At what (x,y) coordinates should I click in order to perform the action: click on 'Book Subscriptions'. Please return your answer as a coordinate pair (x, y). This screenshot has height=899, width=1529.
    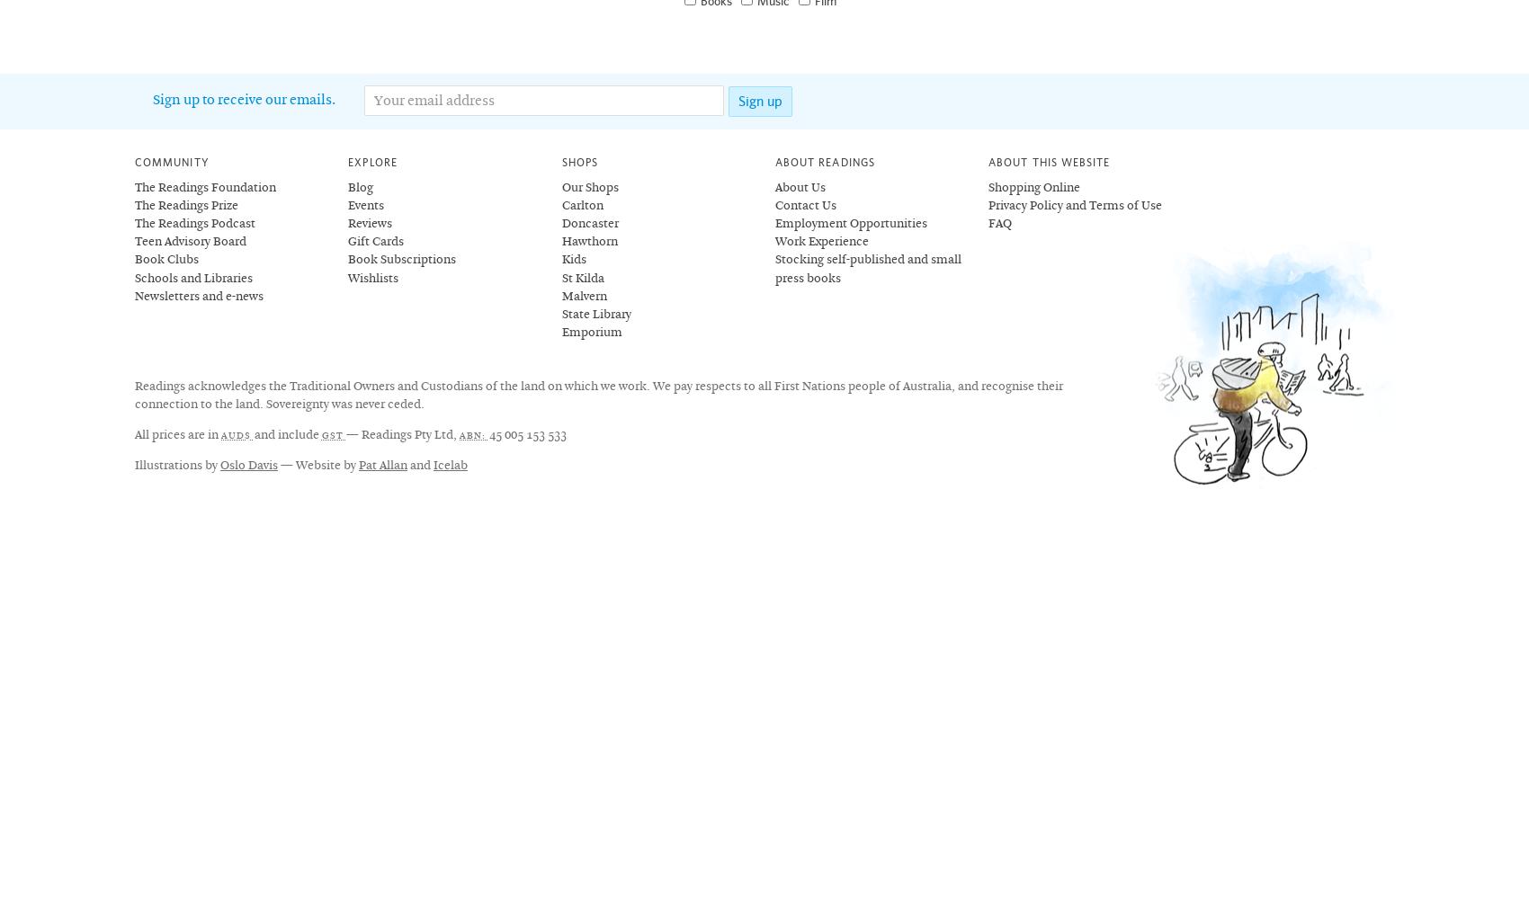
    Looking at the image, I should click on (401, 260).